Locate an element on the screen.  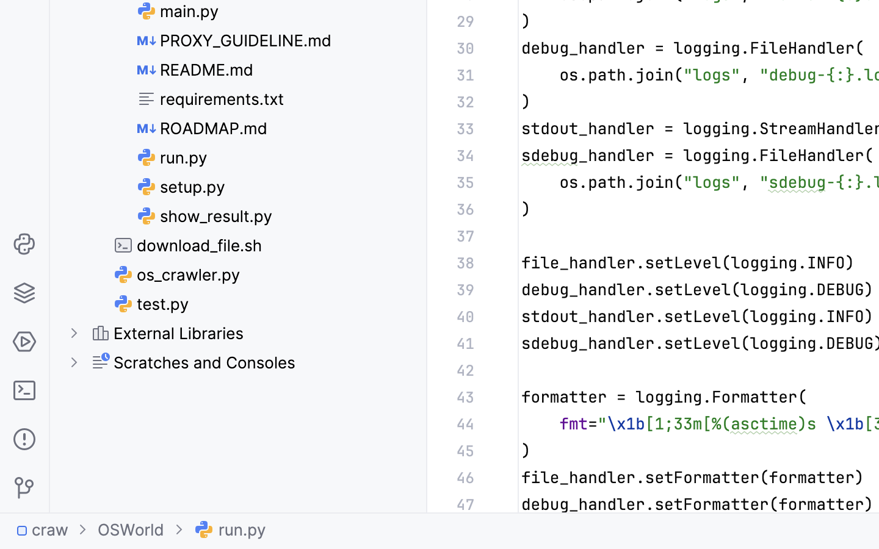
'README.md' is located at coordinates (195, 70).